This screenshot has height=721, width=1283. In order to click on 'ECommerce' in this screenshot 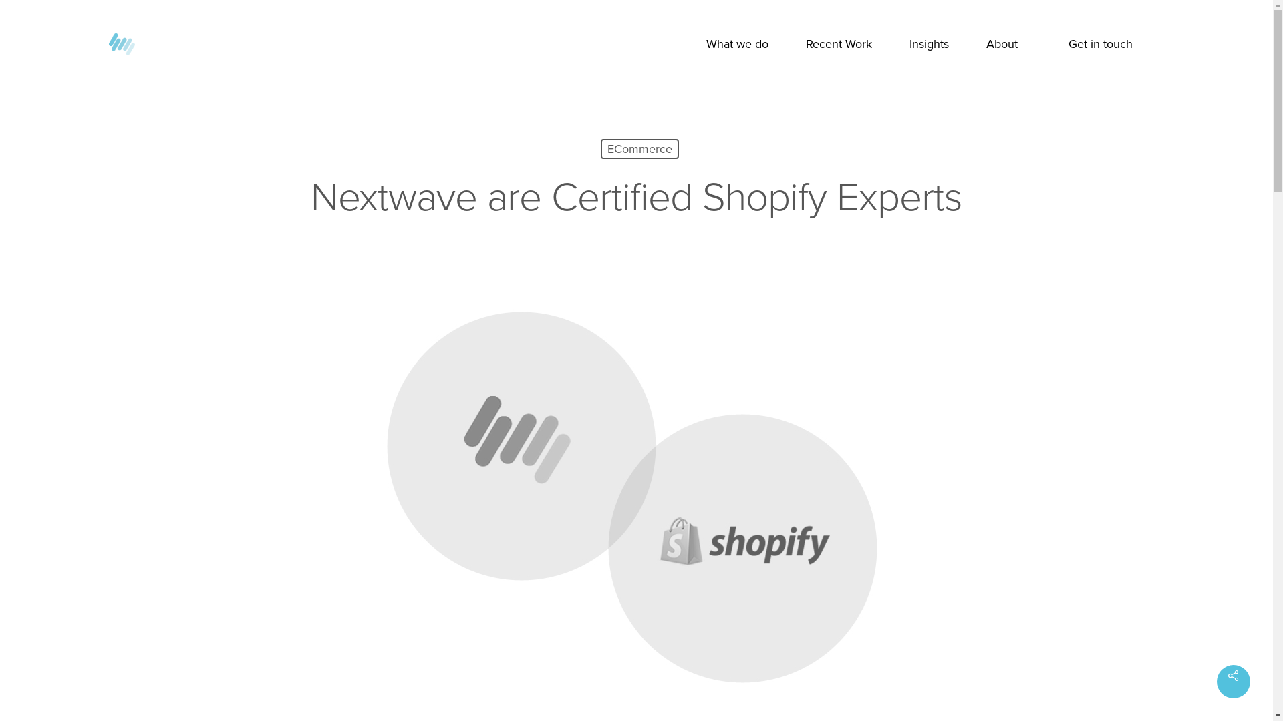, I will do `click(599, 149)`.